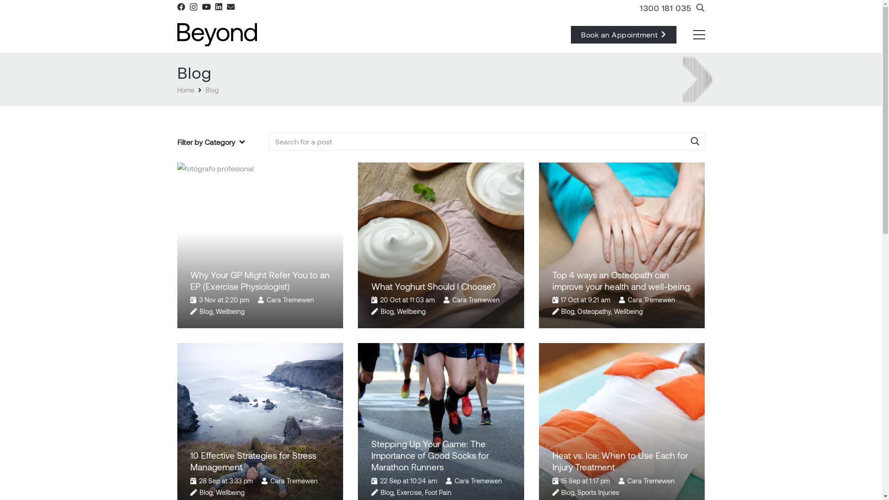  Describe the element at coordinates (620, 461) in the screenshot. I see `'Heat vs. Ice: When to Use Each for Injury Treatment'` at that location.